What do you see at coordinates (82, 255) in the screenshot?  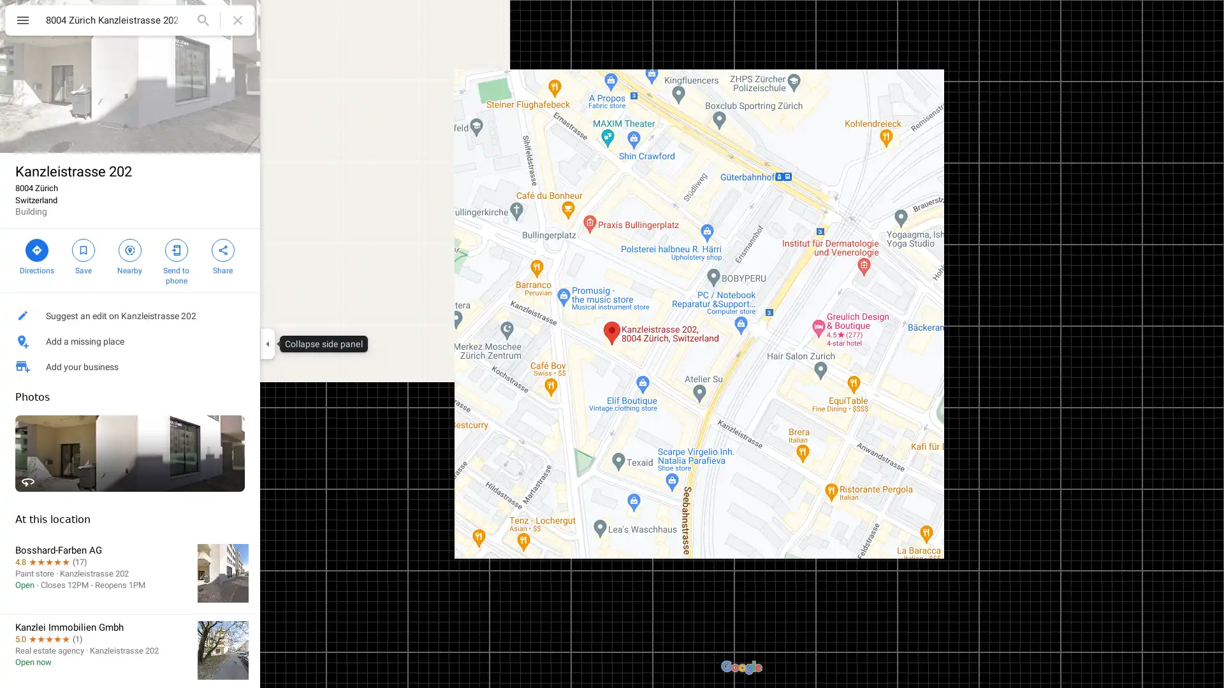 I see `Save Kanzleistrasse 202 in your lists` at bounding box center [82, 255].